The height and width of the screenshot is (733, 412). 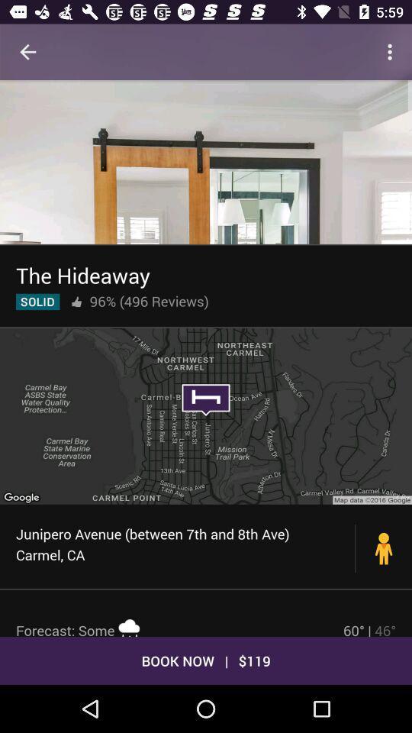 I want to click on the hideaway icon, so click(x=82, y=275).